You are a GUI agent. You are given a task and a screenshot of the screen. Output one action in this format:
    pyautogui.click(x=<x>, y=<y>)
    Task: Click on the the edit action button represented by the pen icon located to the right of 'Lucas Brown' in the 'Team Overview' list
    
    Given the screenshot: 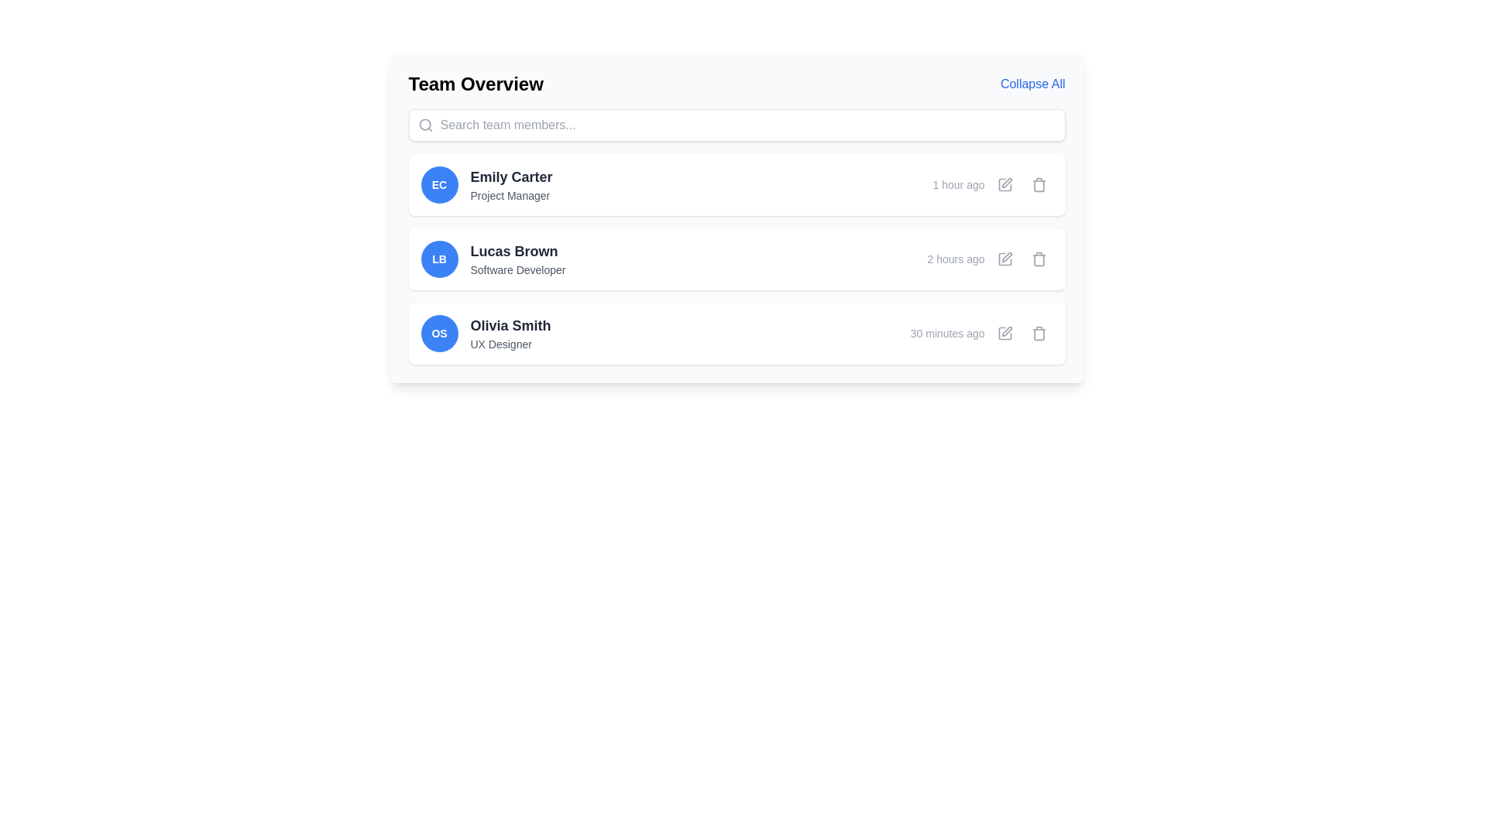 What is the action you would take?
    pyautogui.click(x=1007, y=256)
    